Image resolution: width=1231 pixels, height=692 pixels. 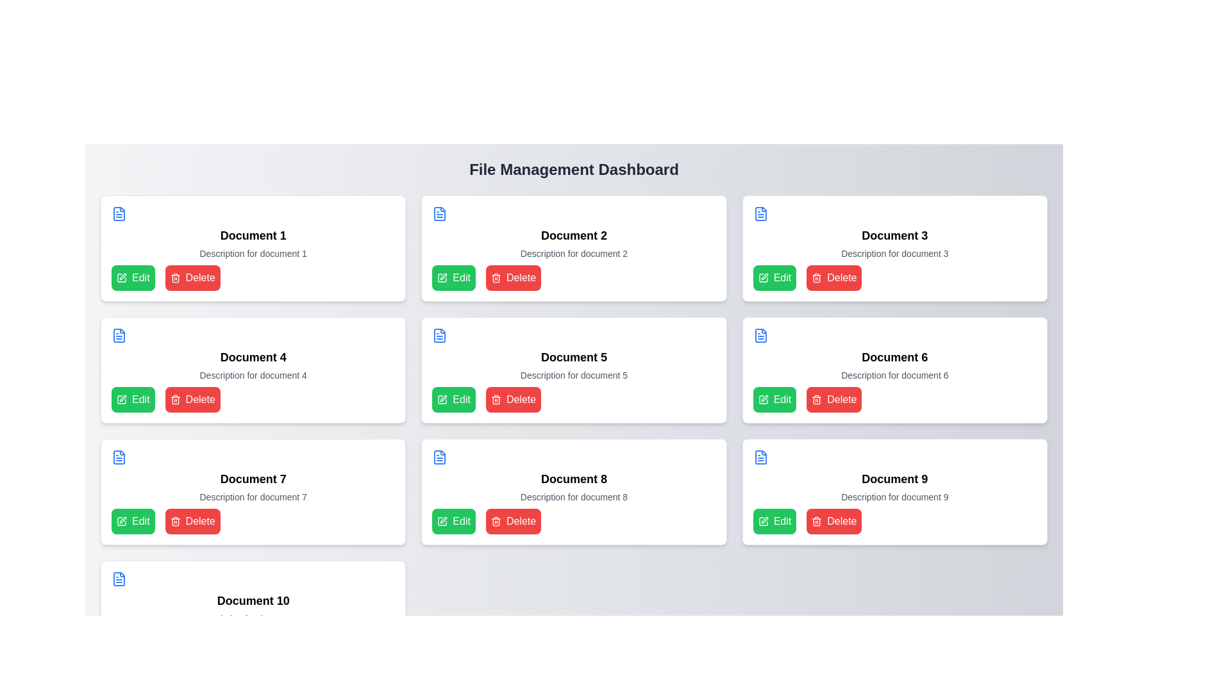 I want to click on the bold text label indicating the title 'Document 7', which is located in the second row, first column of a three-column grid layout, above the 'Edit' and 'Delete' buttons, so click(x=253, y=479).